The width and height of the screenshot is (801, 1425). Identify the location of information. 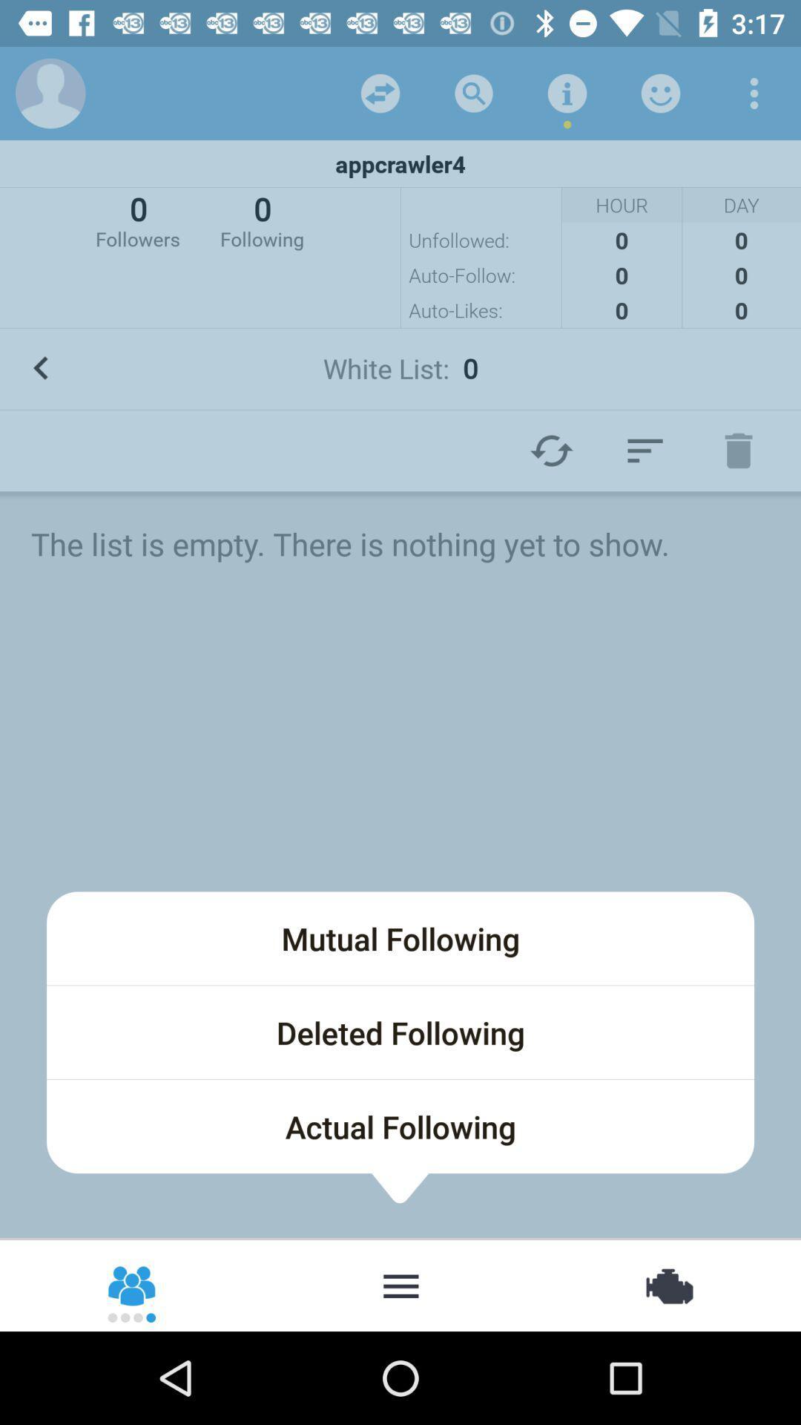
(567, 92).